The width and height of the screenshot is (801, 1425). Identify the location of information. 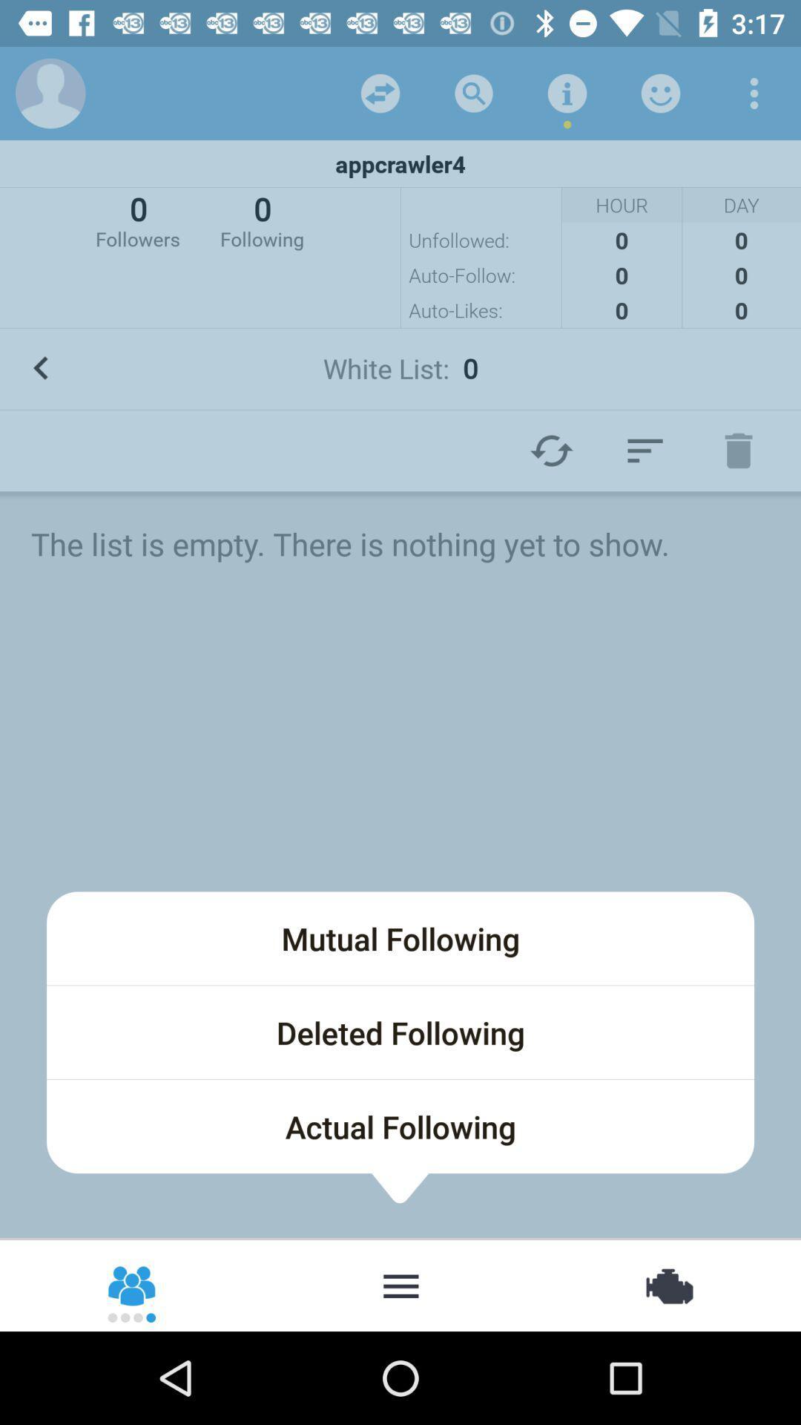
(567, 92).